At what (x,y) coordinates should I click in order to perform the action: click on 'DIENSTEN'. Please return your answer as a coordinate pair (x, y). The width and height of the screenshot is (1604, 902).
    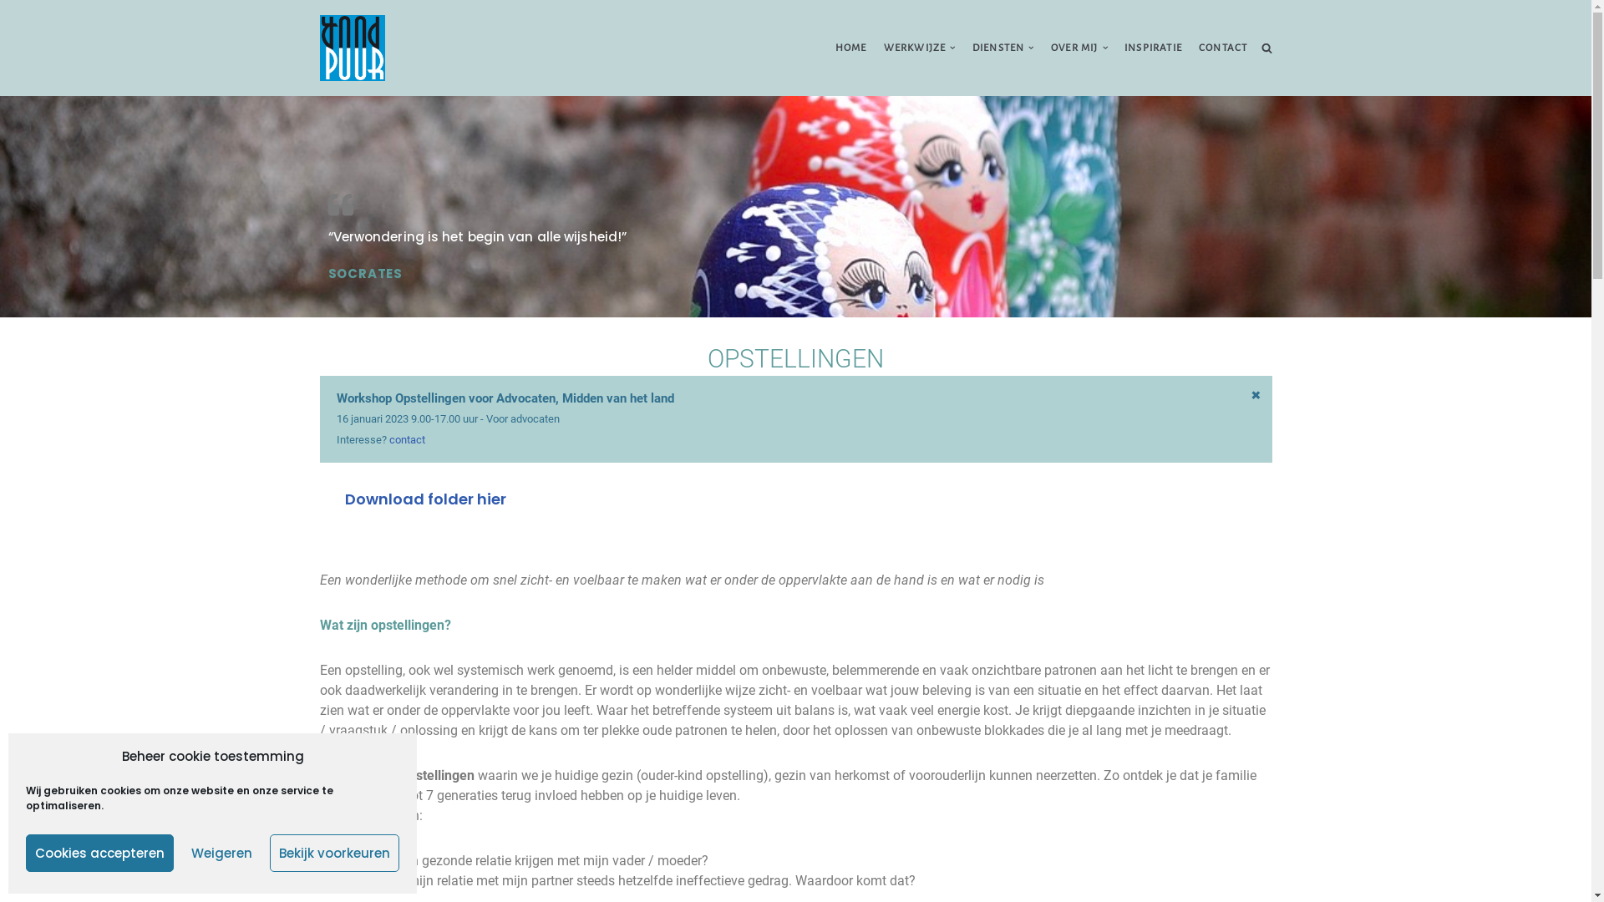
    Looking at the image, I should click on (998, 47).